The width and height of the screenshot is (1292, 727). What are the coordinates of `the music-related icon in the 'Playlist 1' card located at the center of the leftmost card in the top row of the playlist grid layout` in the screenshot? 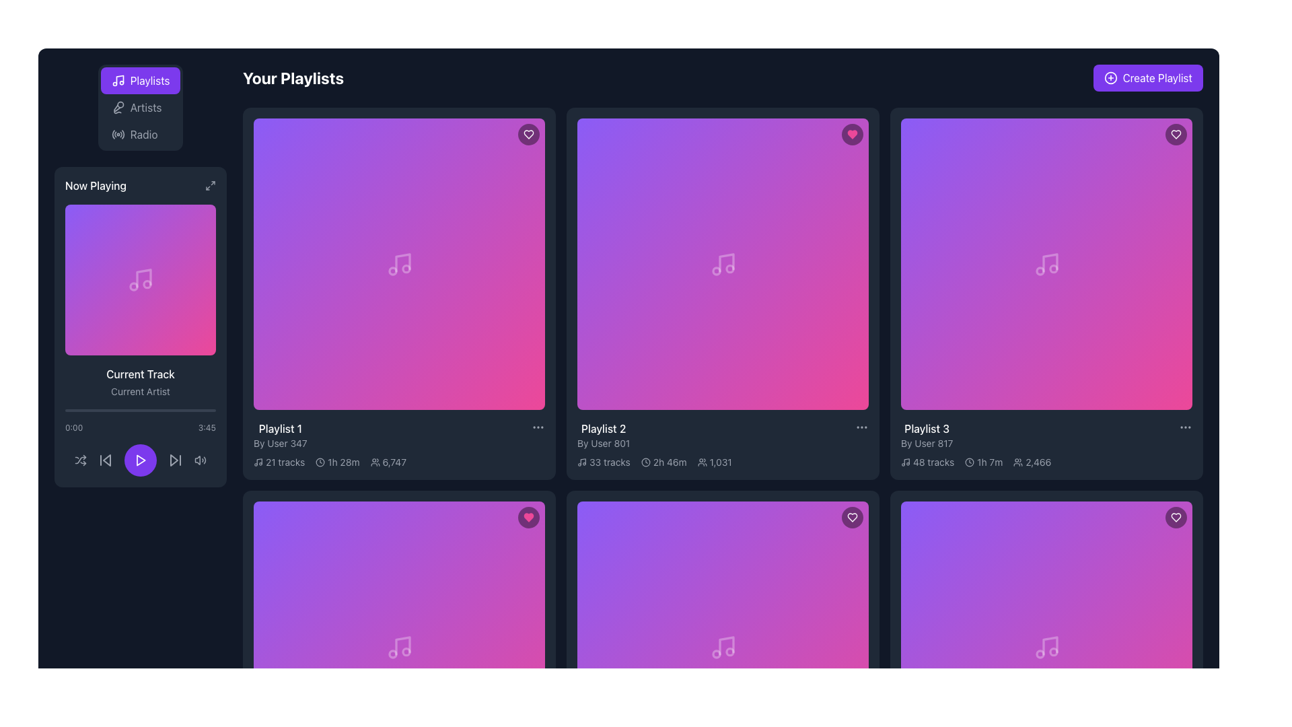 It's located at (398, 264).